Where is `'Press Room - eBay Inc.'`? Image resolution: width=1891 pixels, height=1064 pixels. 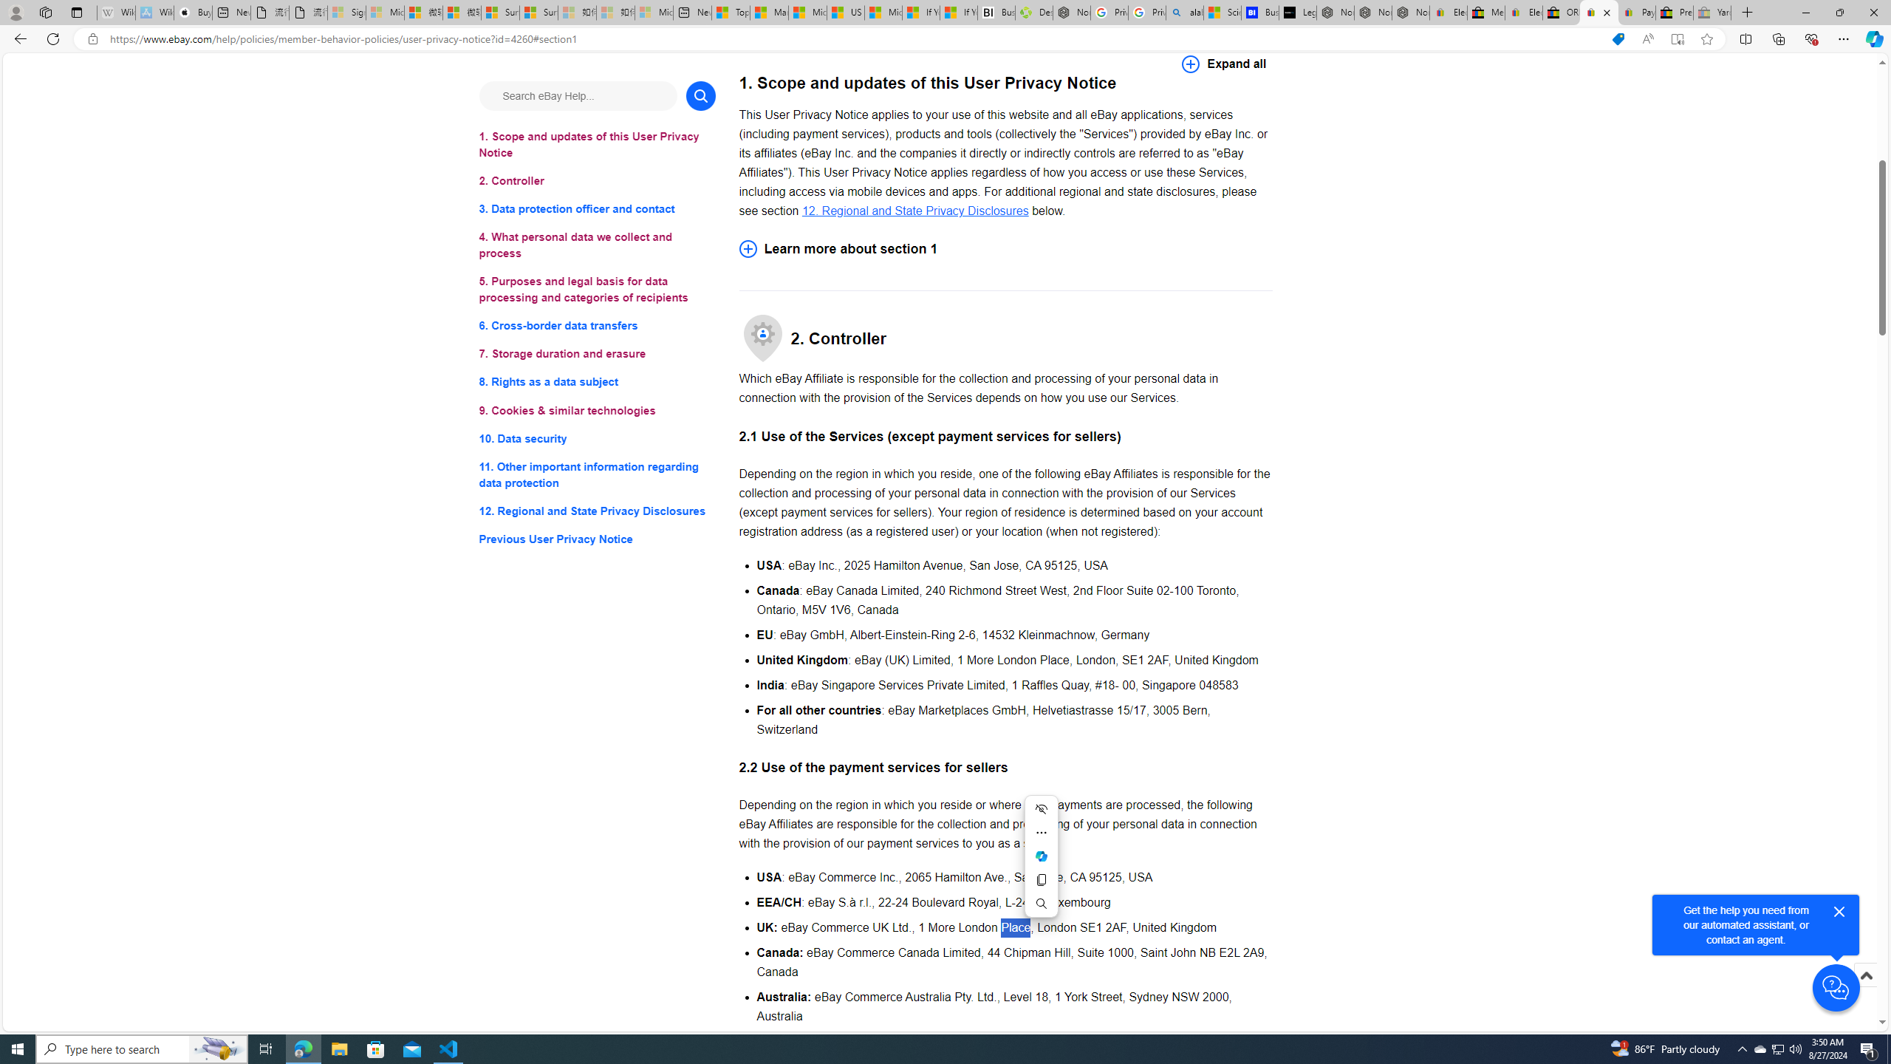
'Press Room - eBay Inc.' is located at coordinates (1674, 12).